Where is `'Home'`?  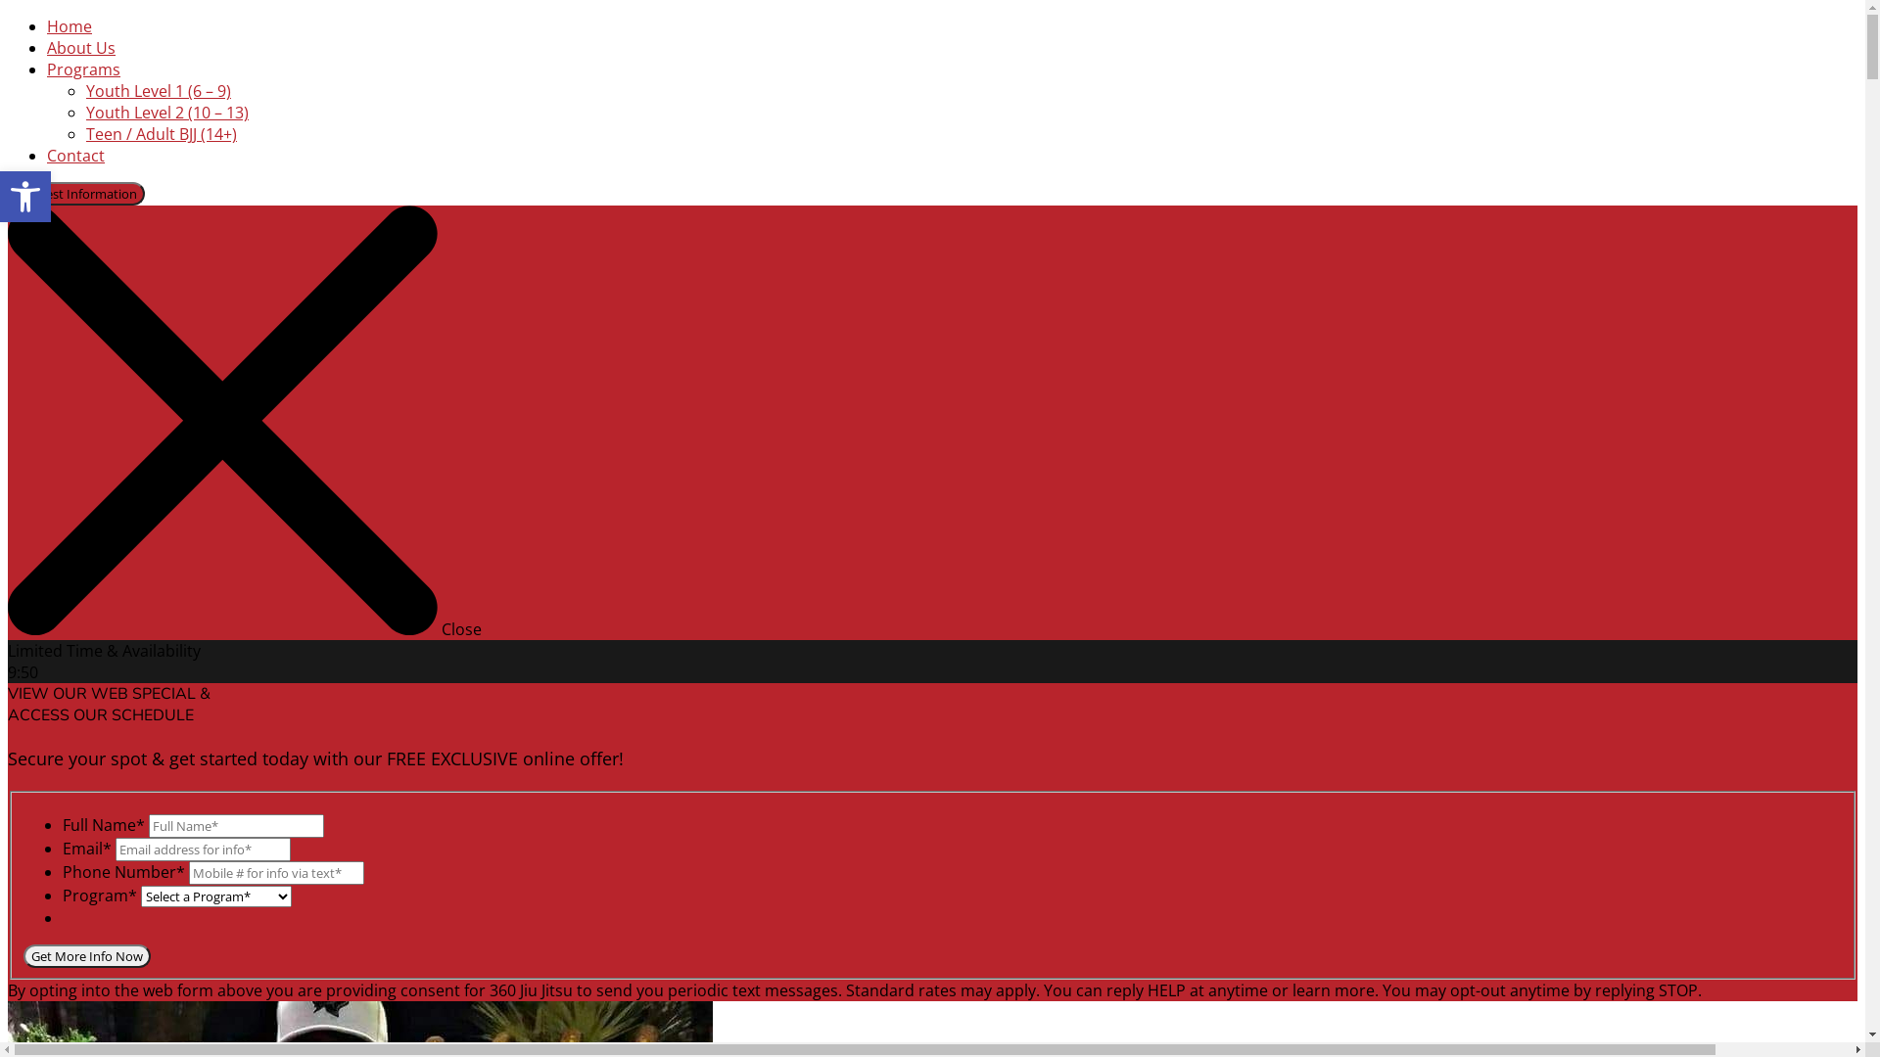 'Home' is located at coordinates (70, 26).